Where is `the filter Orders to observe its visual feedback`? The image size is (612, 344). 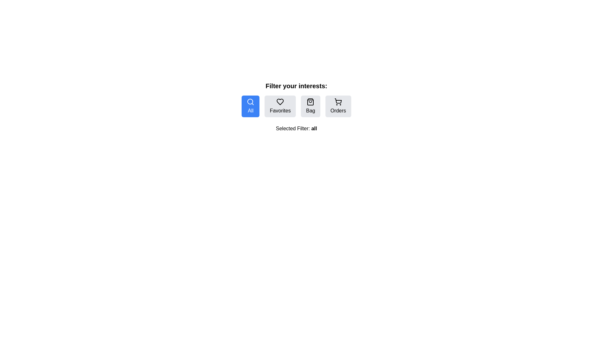 the filter Orders to observe its visual feedback is located at coordinates (338, 106).